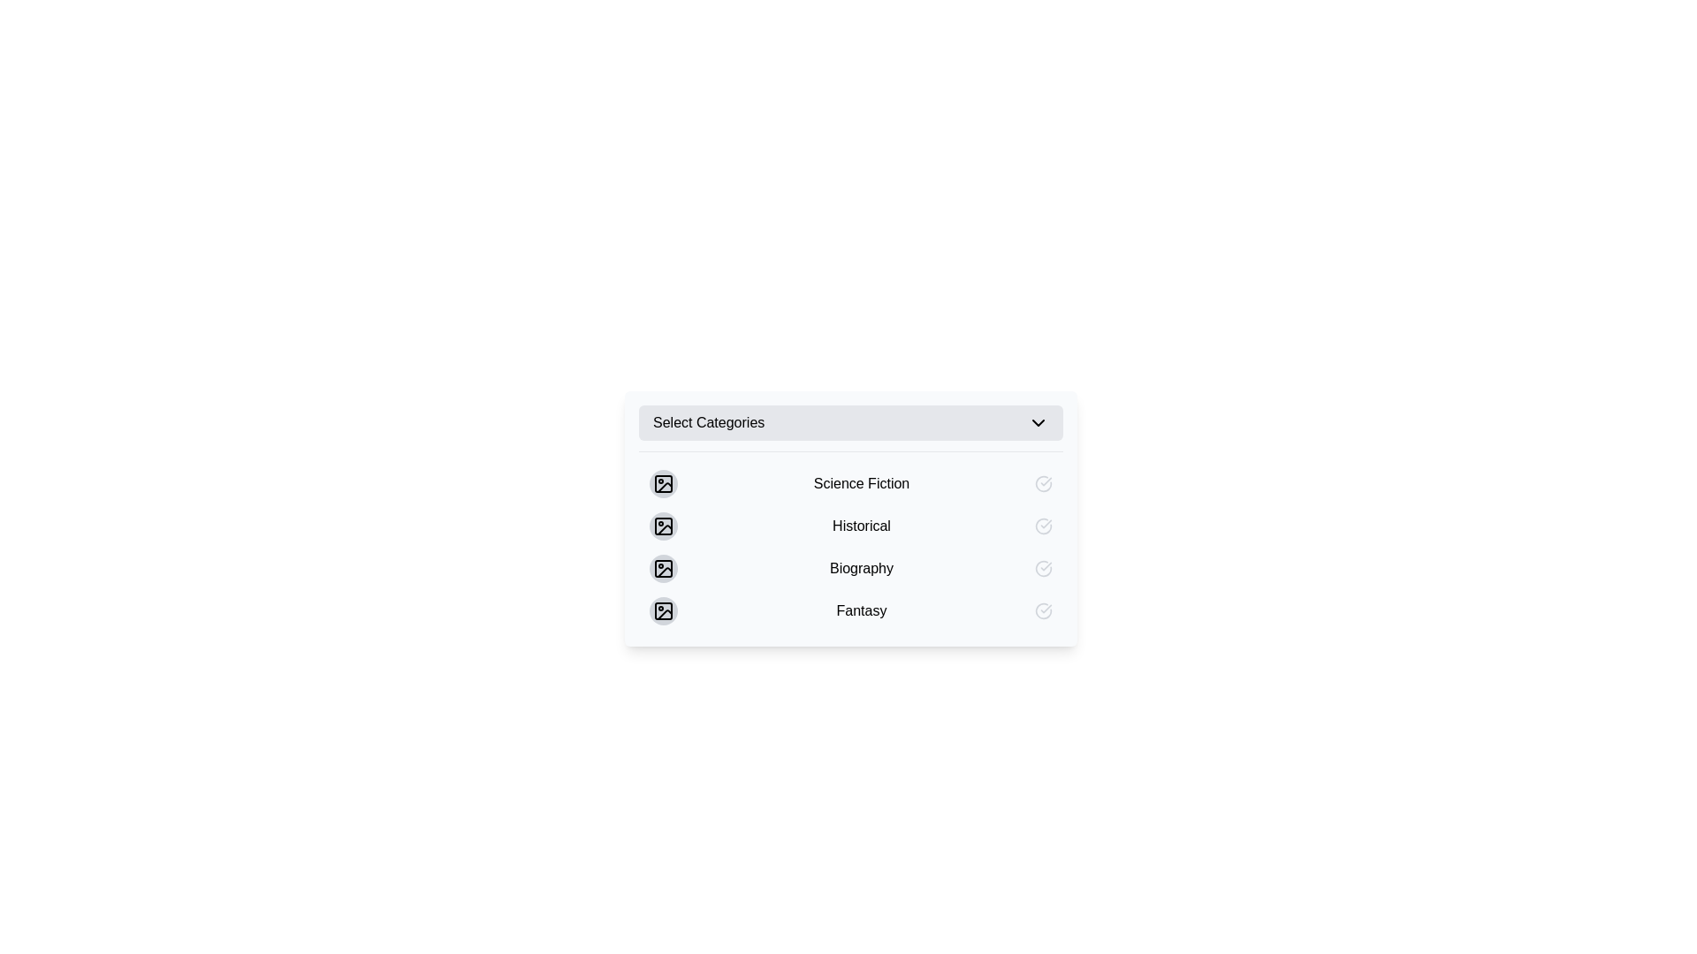 The width and height of the screenshot is (1697, 954). What do you see at coordinates (662, 526) in the screenshot?
I see `the second icon in the vertical list of four icons on the left side, which indicates the absence of an associated image for the 'Historical' category` at bounding box center [662, 526].